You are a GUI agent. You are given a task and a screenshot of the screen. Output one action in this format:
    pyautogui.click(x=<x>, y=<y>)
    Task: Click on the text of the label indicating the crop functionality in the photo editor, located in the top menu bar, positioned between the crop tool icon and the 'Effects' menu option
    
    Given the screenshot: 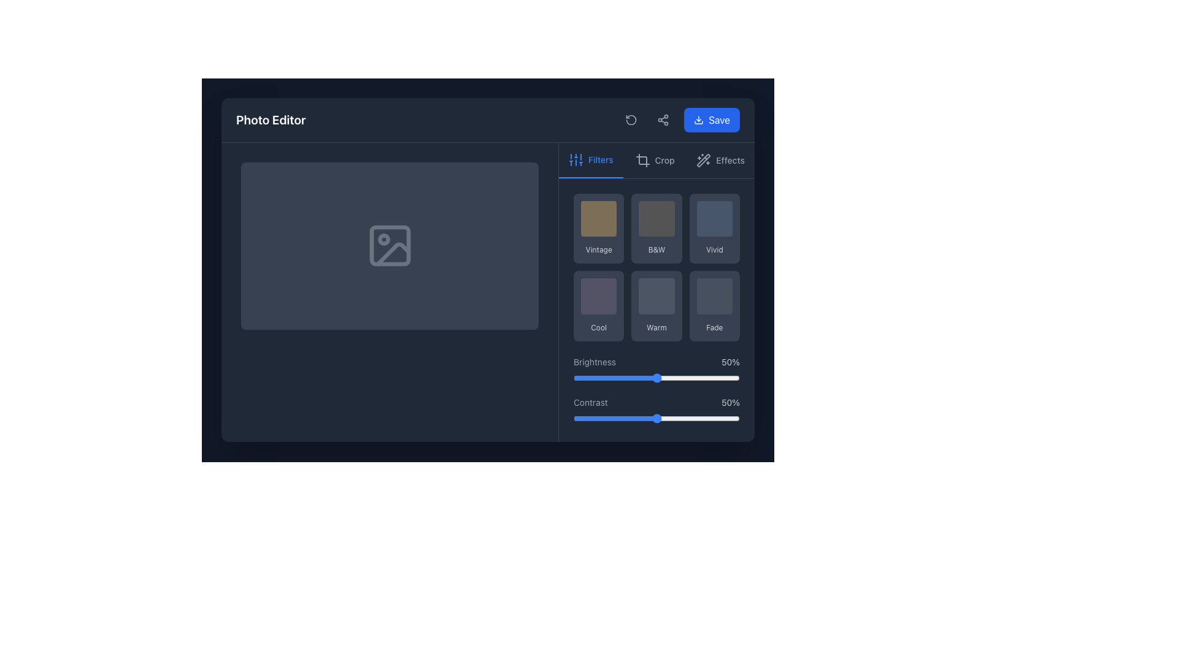 What is the action you would take?
    pyautogui.click(x=664, y=160)
    